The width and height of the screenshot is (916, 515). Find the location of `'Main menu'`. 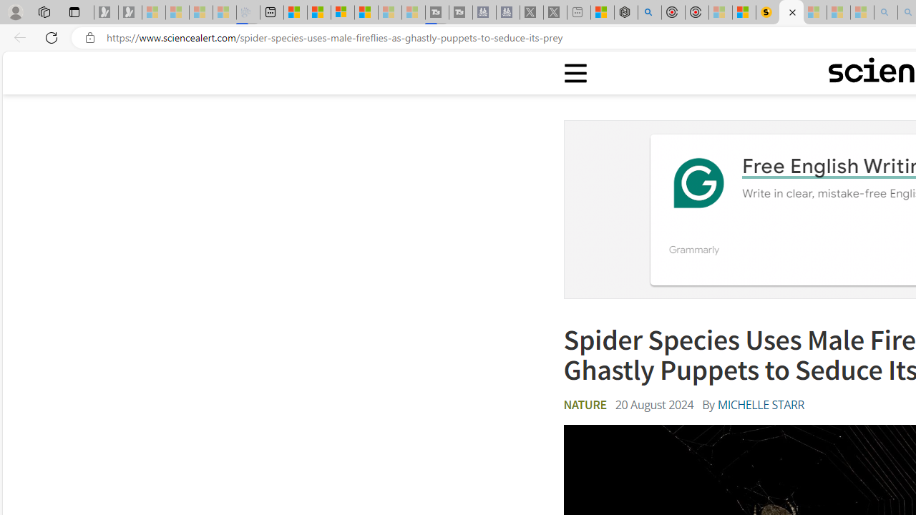

'Main menu' is located at coordinates (576, 73).